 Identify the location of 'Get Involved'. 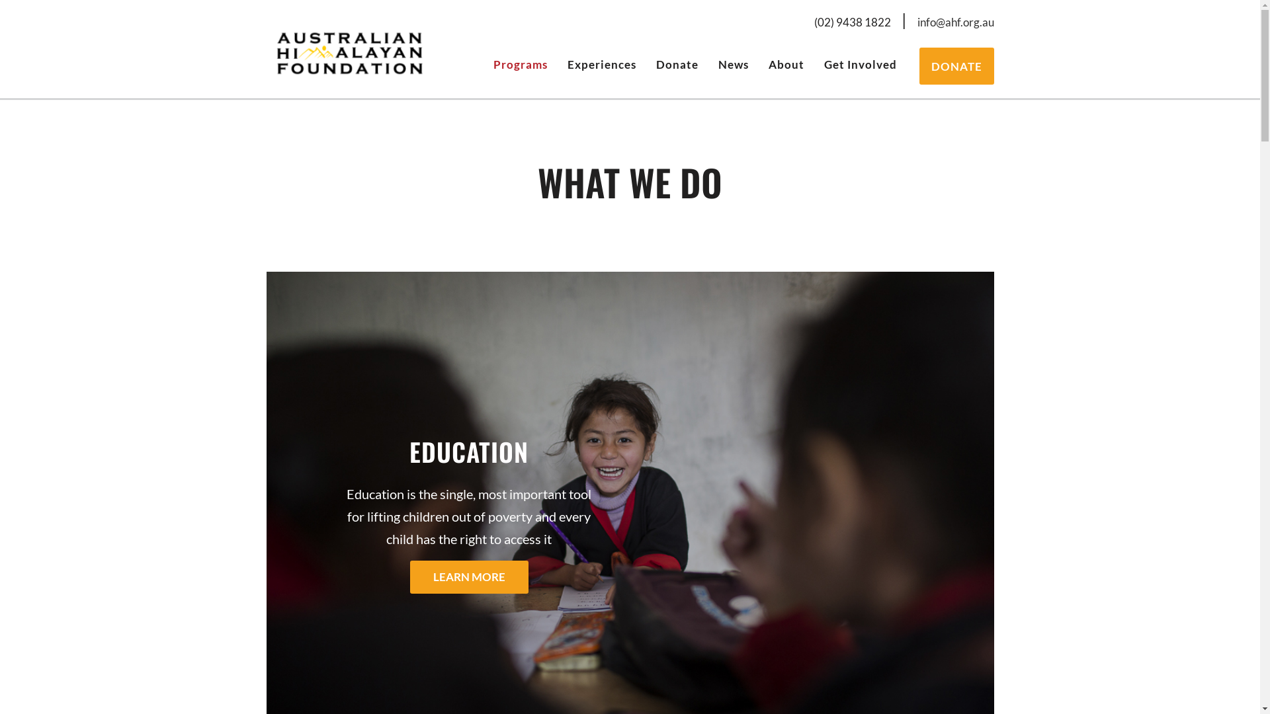
(860, 63).